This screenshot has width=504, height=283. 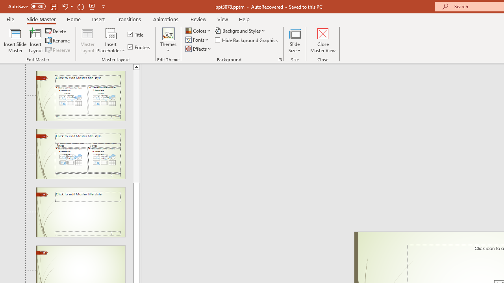 What do you see at coordinates (87, 40) in the screenshot?
I see `'Master Layout...'` at bounding box center [87, 40].